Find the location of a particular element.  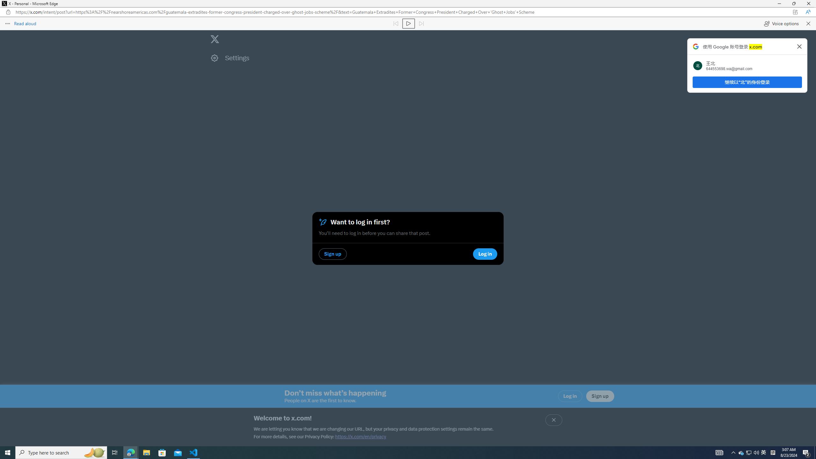

'App available. Install X' is located at coordinates (795, 12).